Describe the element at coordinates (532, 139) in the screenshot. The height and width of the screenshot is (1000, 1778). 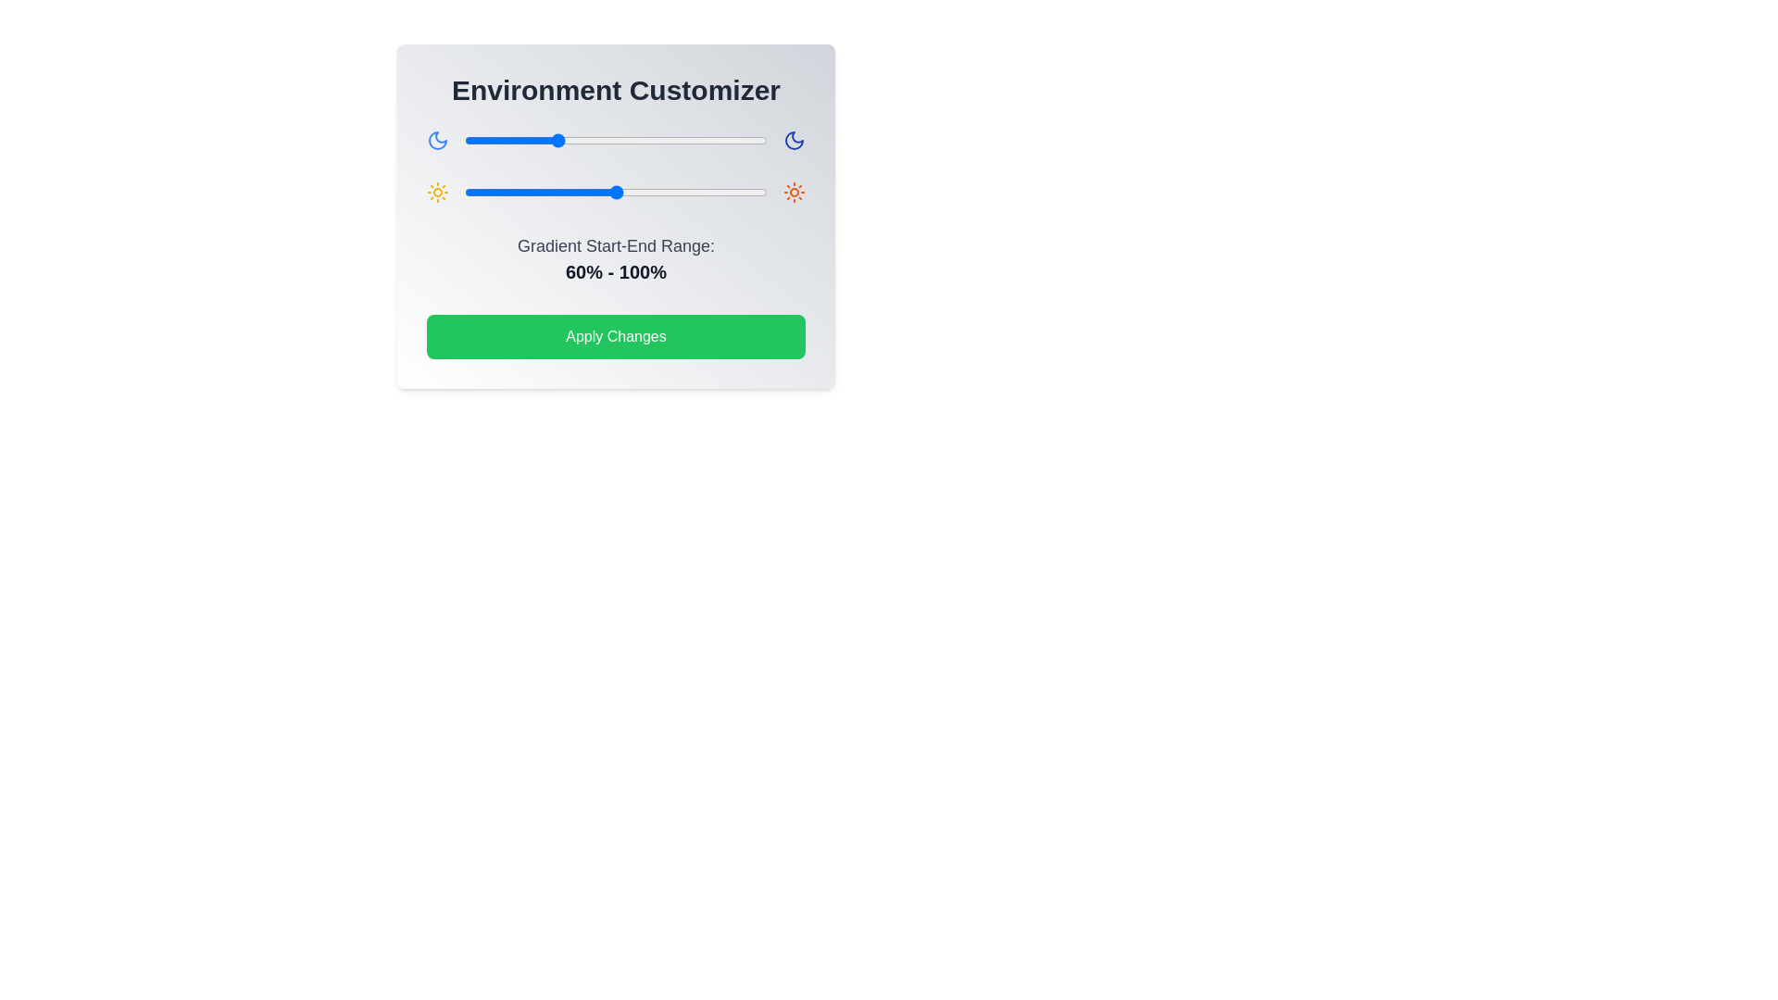
I see `the gradient slider 0 to 45` at that location.